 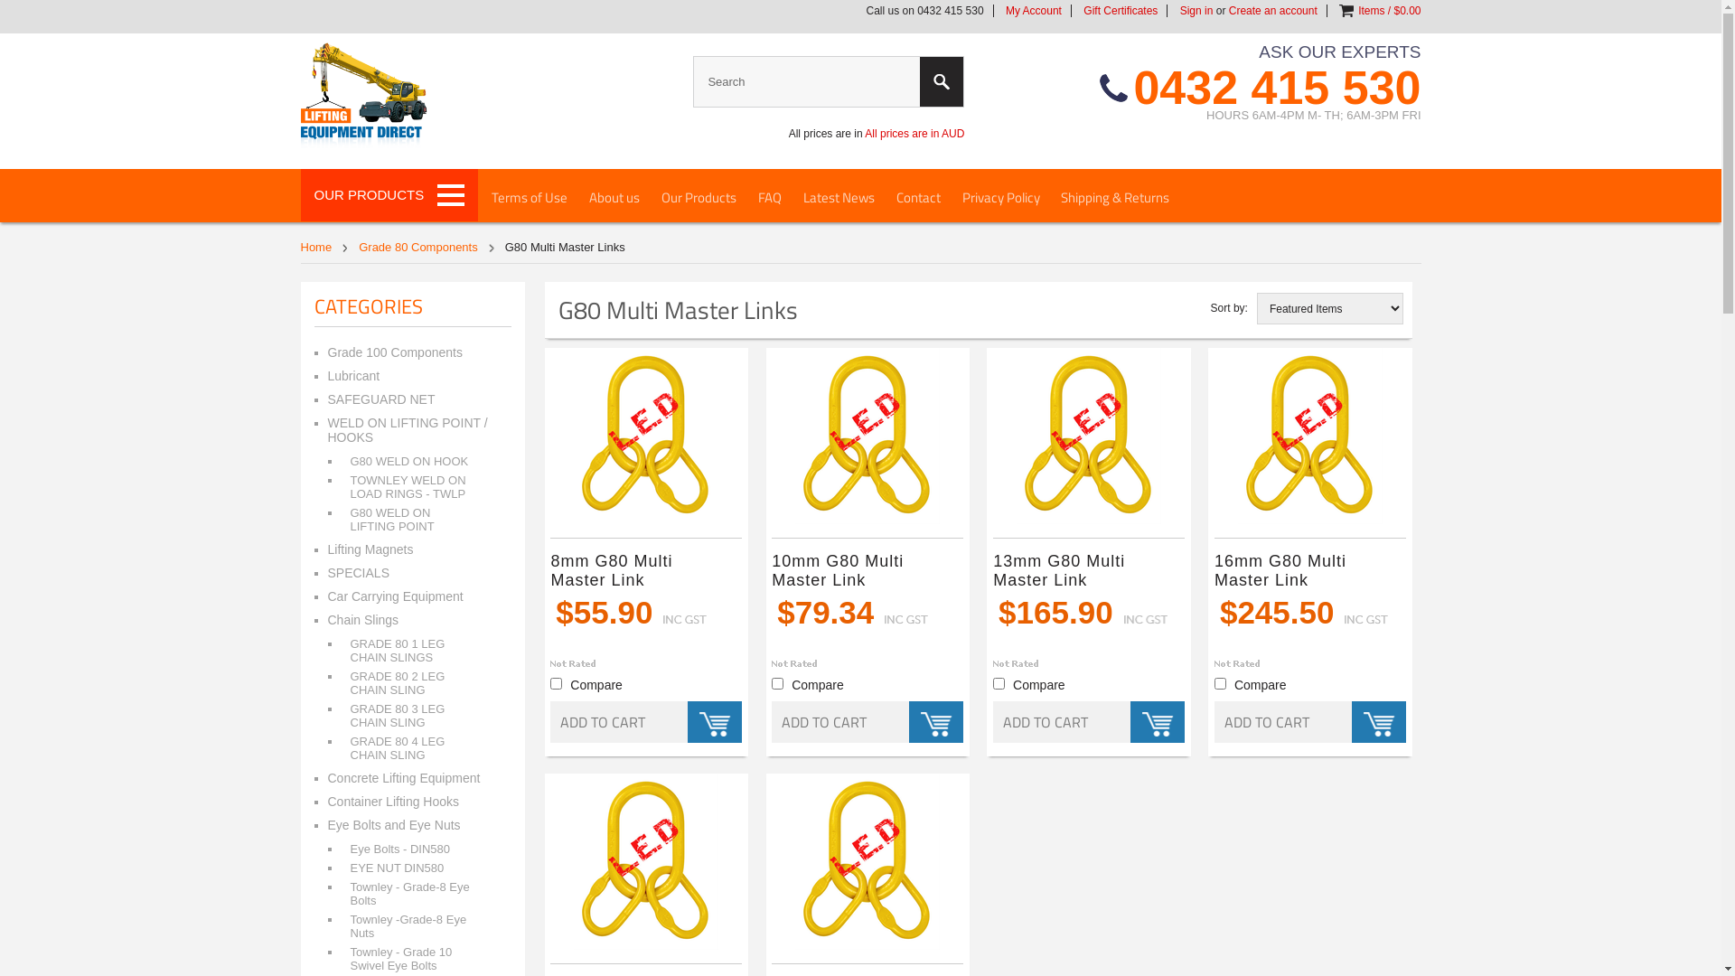 What do you see at coordinates (412, 486) in the screenshot?
I see `'TOWNLEY WELD ON LOAD RINGS - TWLP'` at bounding box center [412, 486].